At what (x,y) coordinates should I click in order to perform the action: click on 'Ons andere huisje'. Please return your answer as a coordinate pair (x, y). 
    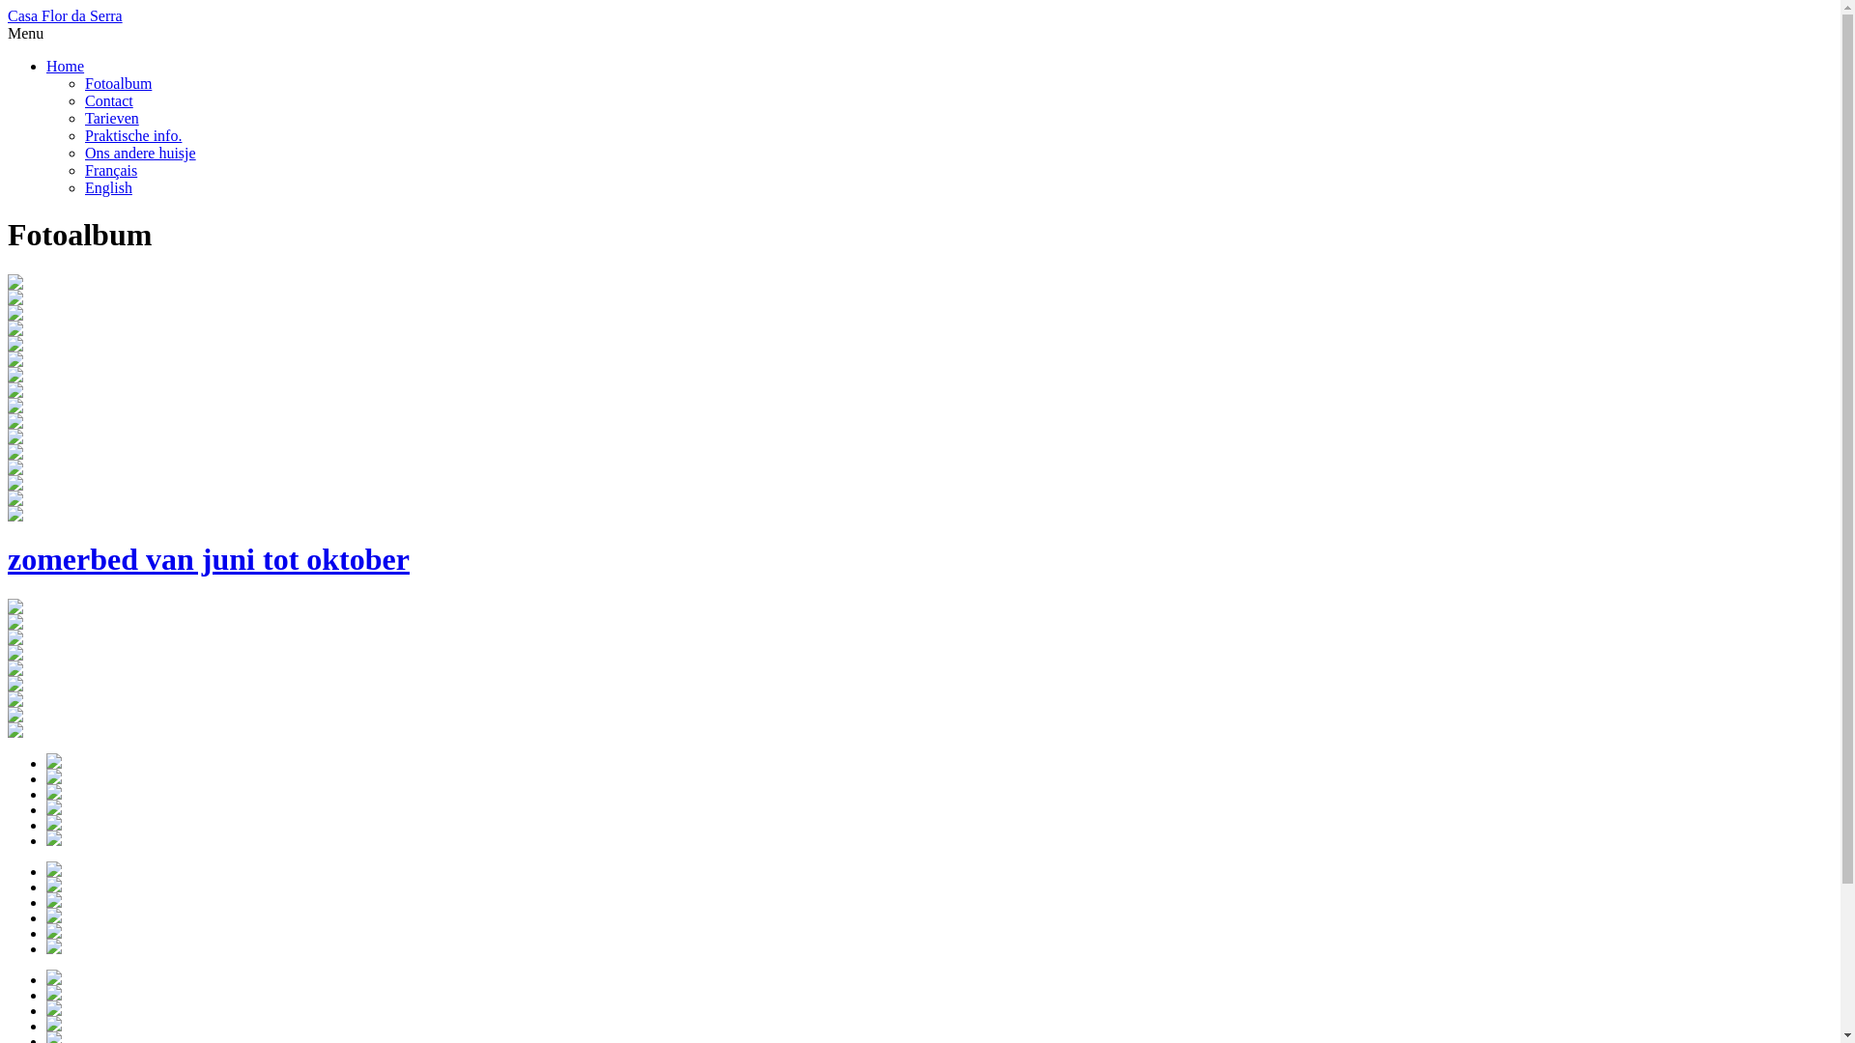
    Looking at the image, I should click on (83, 152).